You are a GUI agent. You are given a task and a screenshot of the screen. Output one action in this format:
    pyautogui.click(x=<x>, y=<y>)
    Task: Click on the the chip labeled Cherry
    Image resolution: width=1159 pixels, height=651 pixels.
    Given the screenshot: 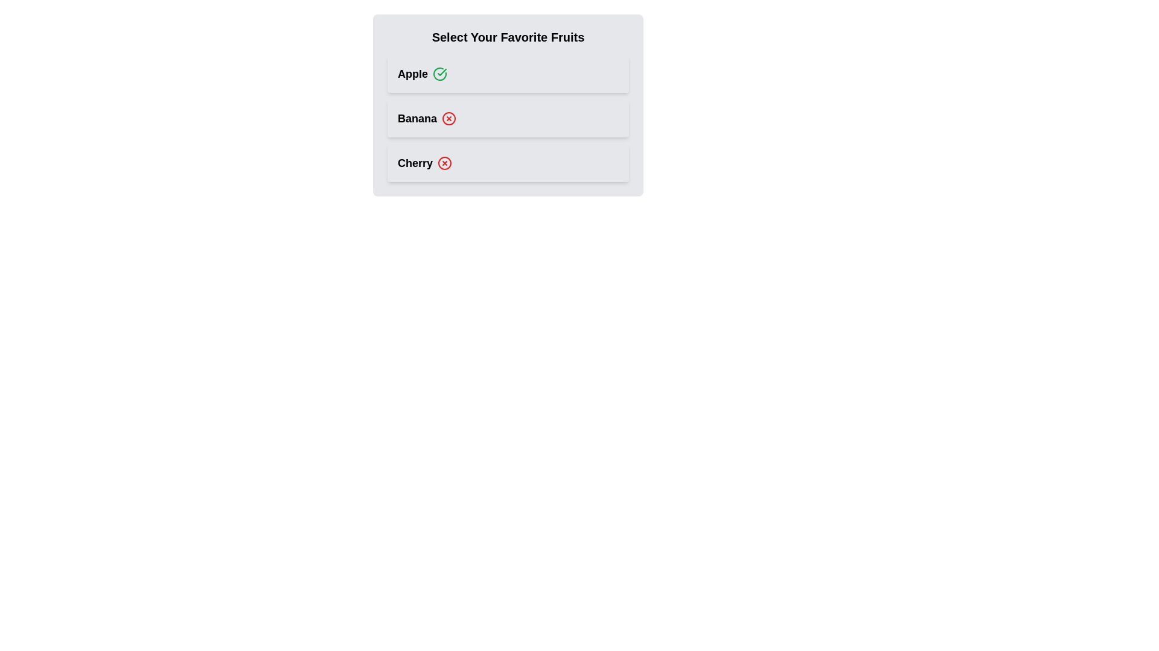 What is the action you would take?
    pyautogui.click(x=508, y=163)
    